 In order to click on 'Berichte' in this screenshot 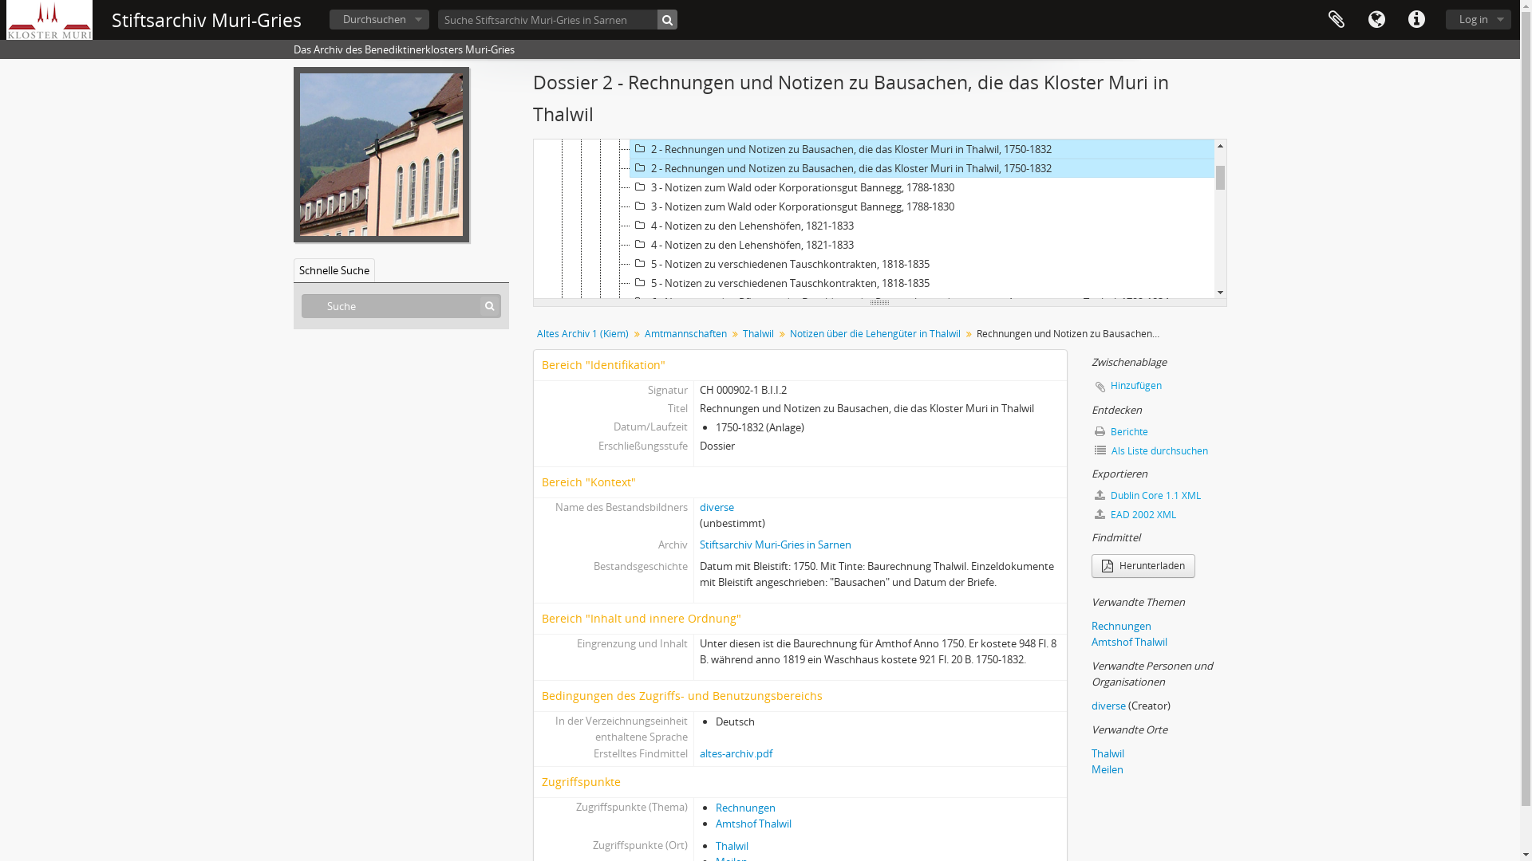, I will do `click(1159, 432)`.